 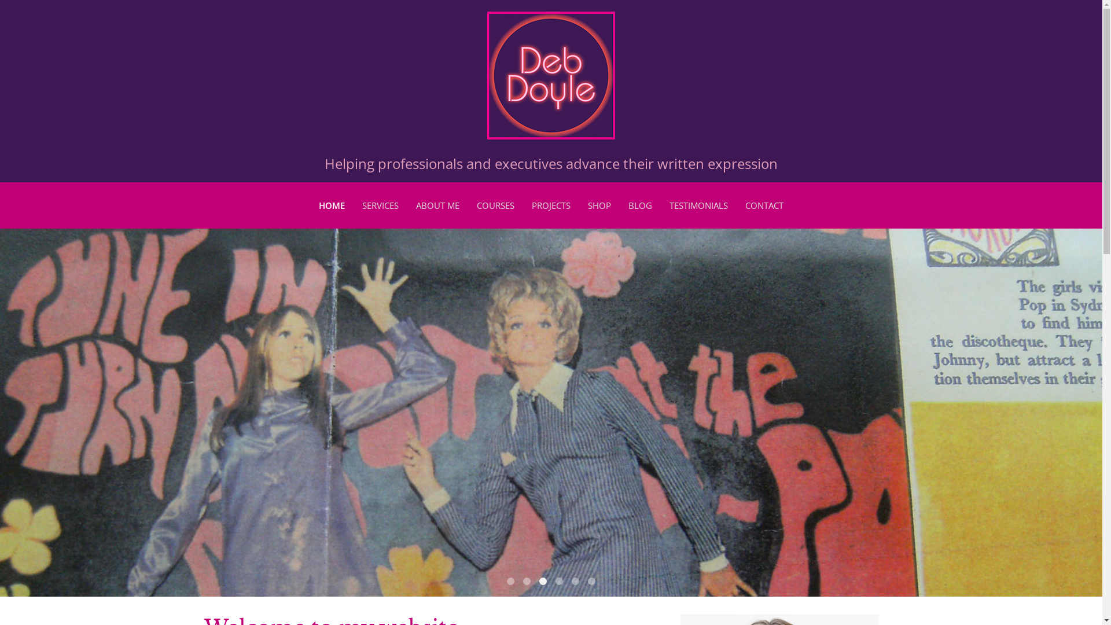 I want to click on 'BLOG', so click(x=639, y=204).